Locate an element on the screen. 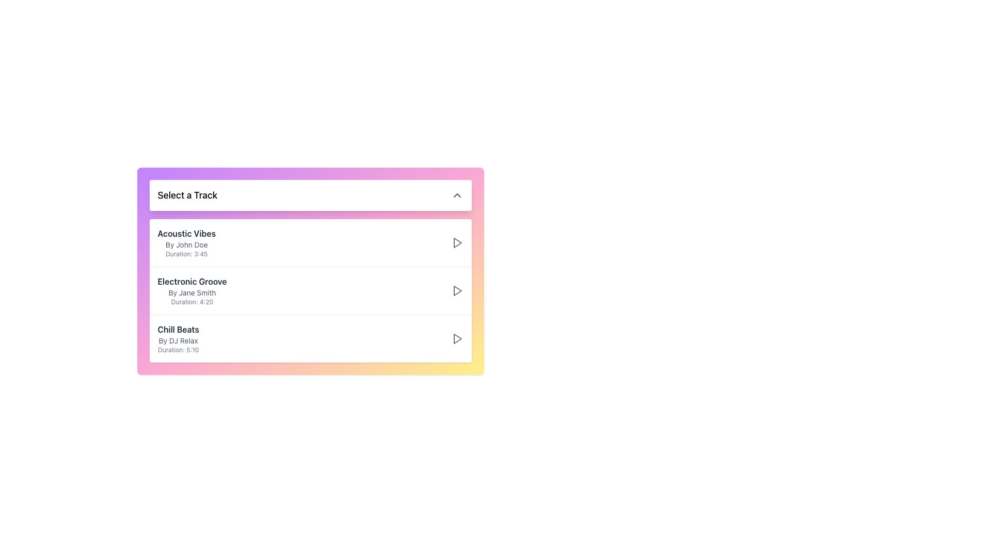  the triangular play icon for the 'Electronic Groove' track is located at coordinates (457, 290).